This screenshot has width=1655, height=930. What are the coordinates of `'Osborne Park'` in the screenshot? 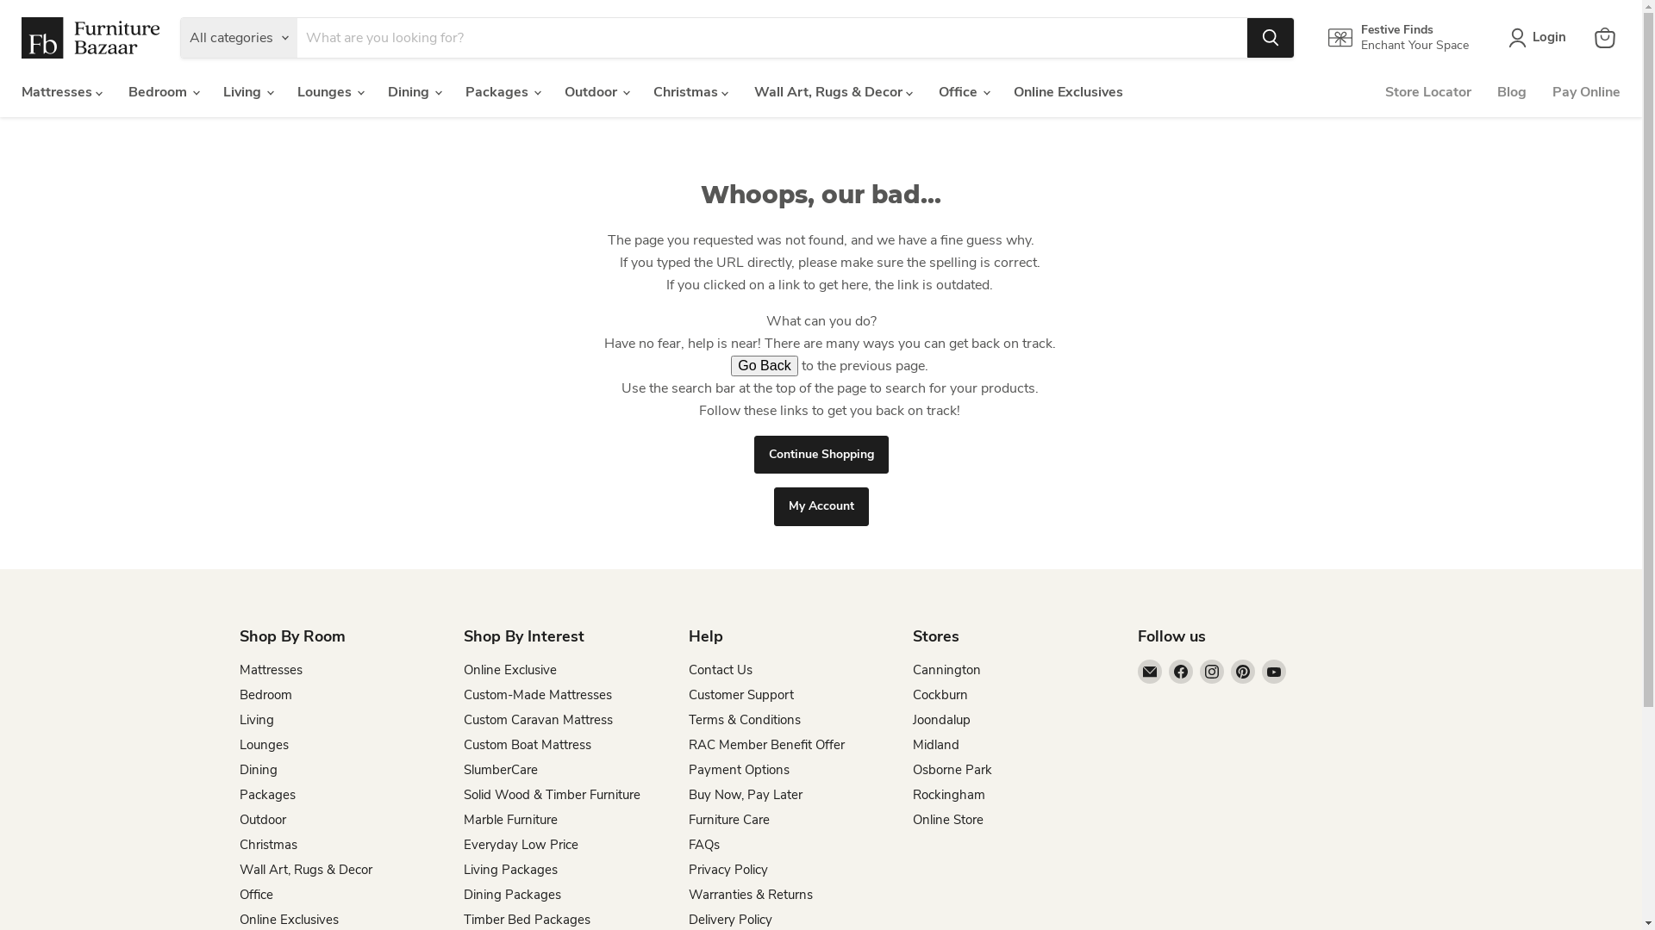 It's located at (912, 769).